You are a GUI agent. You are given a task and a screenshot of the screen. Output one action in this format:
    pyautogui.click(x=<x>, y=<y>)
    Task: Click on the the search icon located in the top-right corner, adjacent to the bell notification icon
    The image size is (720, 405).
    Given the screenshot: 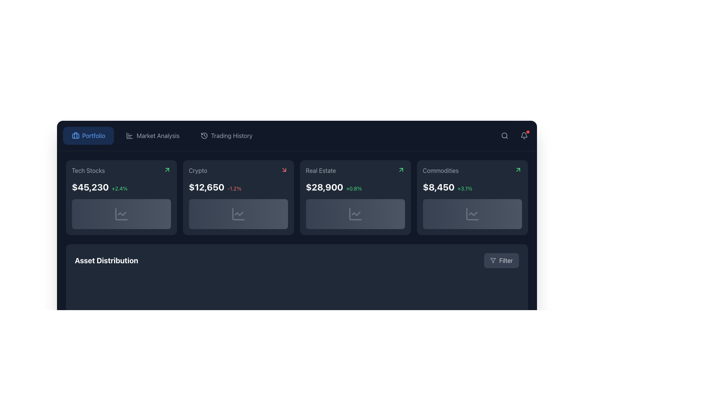 What is the action you would take?
    pyautogui.click(x=504, y=136)
    